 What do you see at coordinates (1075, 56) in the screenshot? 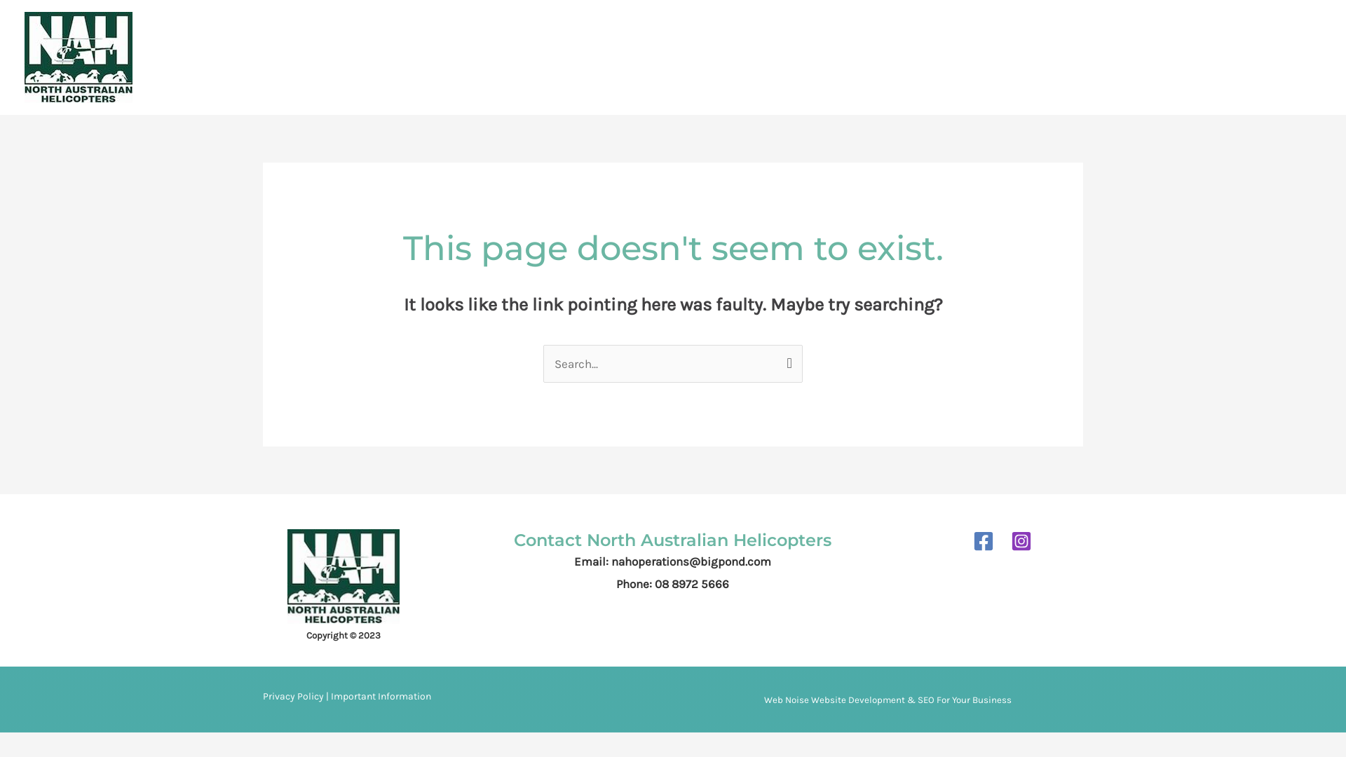
I see `'Frequently Asked Questions'` at bounding box center [1075, 56].